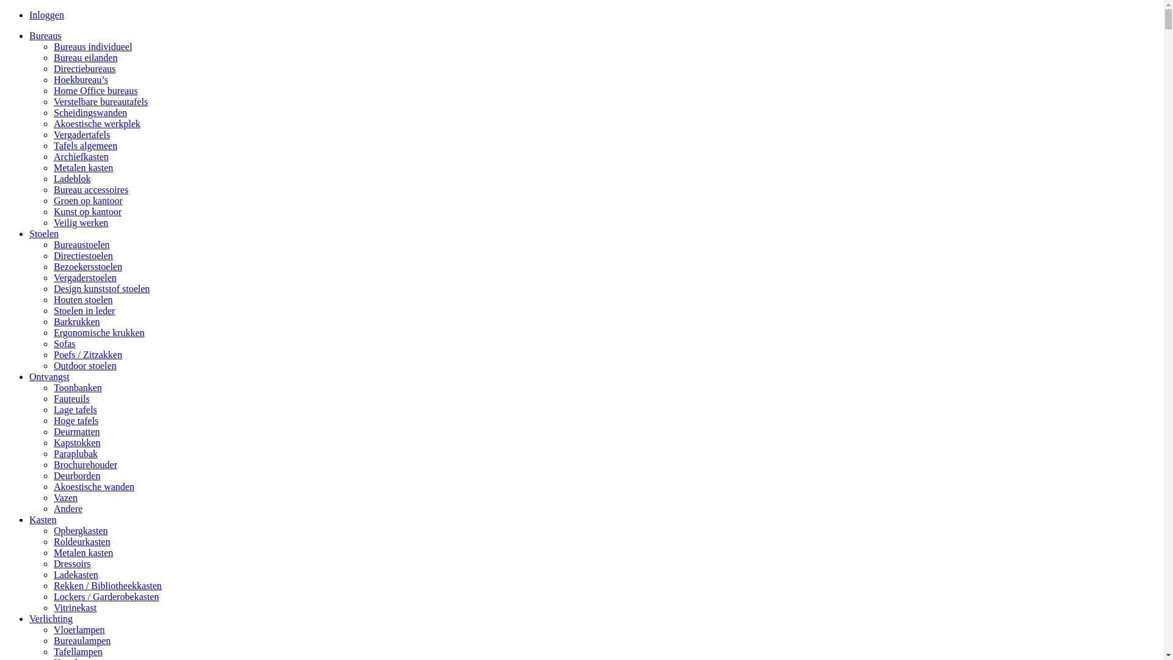 This screenshot has width=1173, height=660. What do you see at coordinates (82, 299) in the screenshot?
I see `'Houten stoelen'` at bounding box center [82, 299].